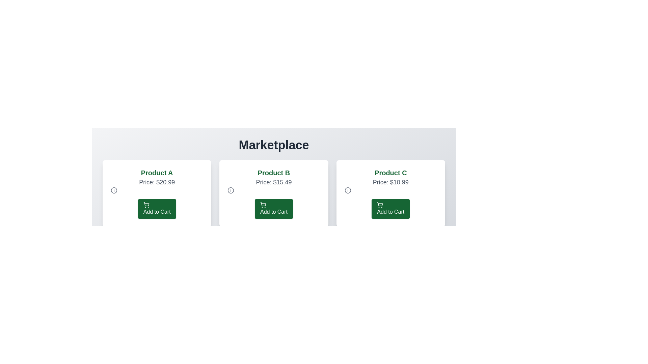  What do you see at coordinates (348, 190) in the screenshot?
I see `the circular icon with an 'i' symbol in the middle, located in the product card for 'Product C', positioned below the price label and above the 'Add to Cart' button` at bounding box center [348, 190].